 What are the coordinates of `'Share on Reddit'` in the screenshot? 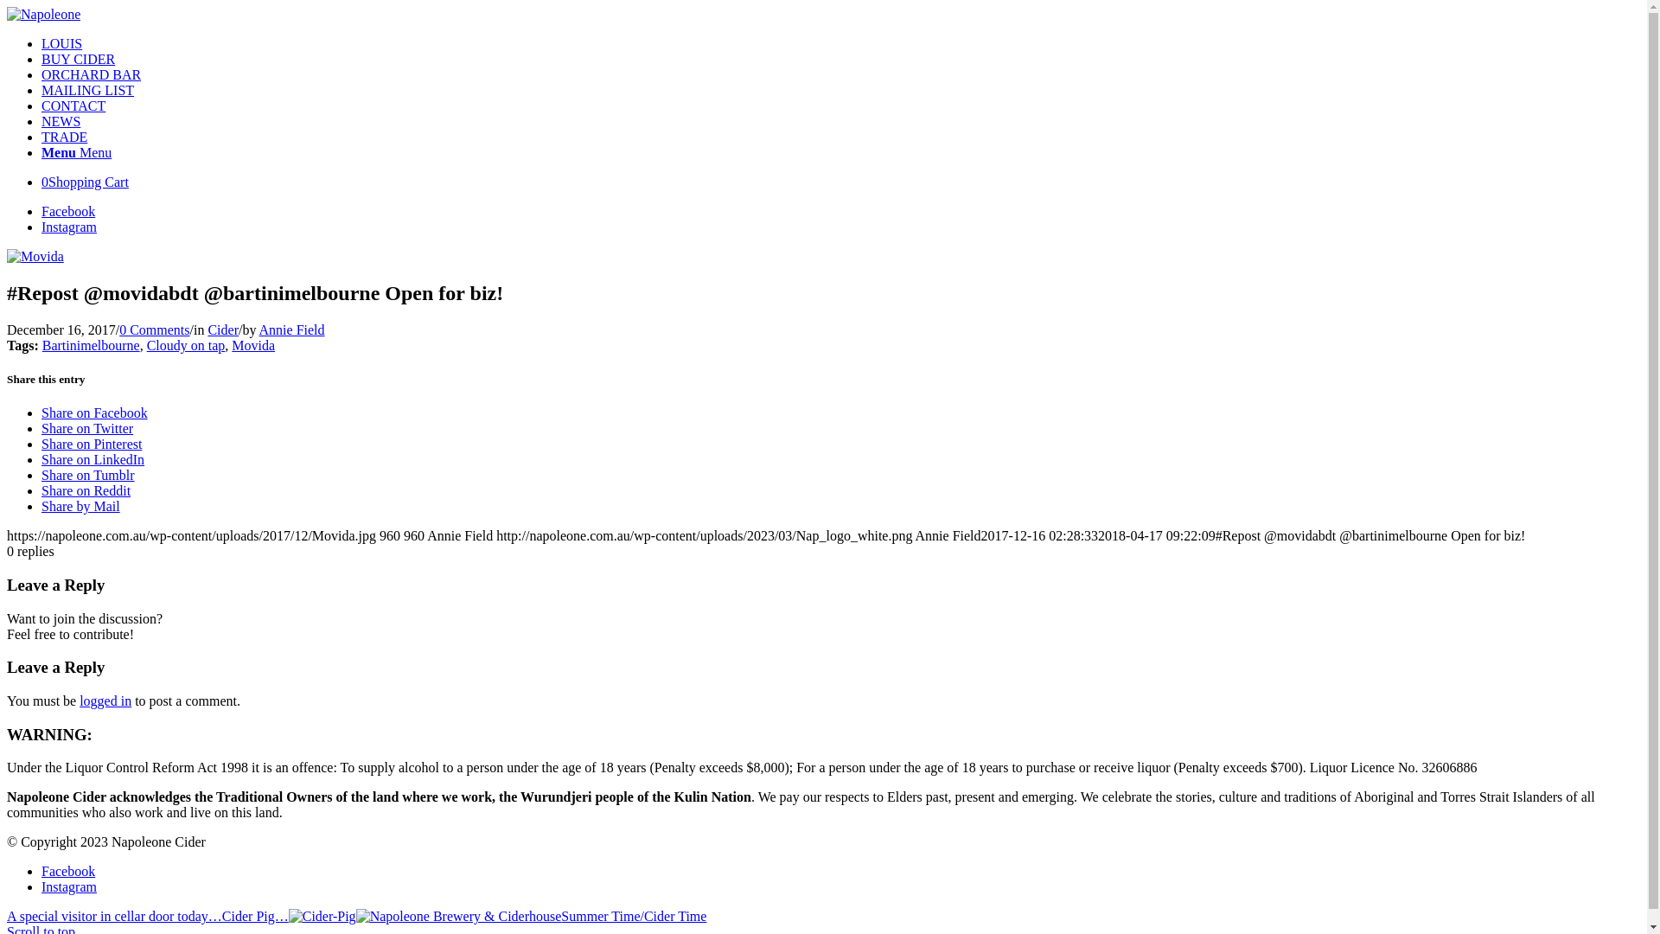 It's located at (85, 490).